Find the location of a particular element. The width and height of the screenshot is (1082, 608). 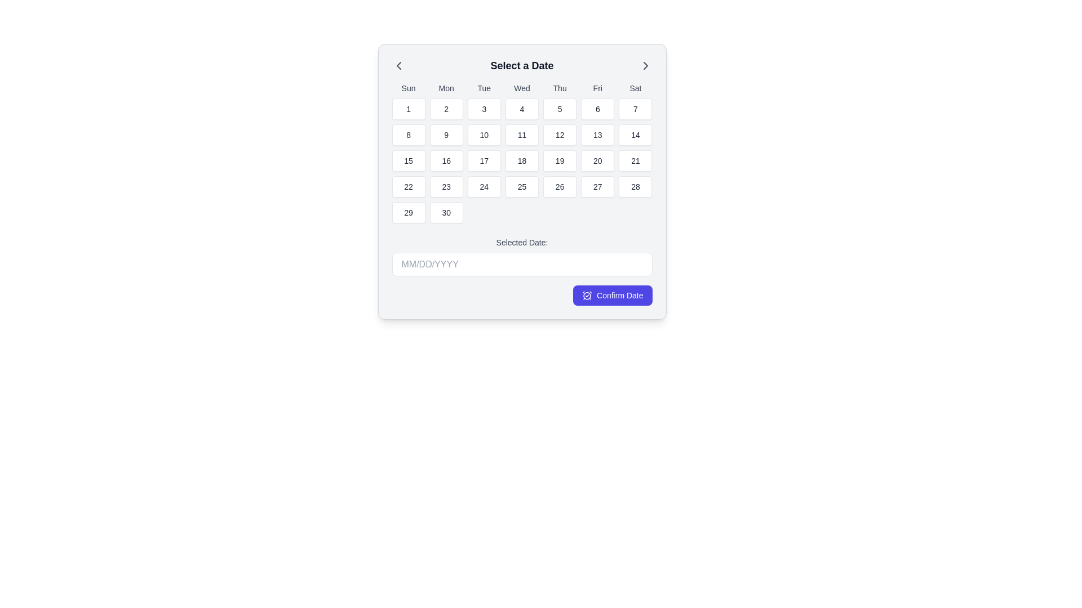

the text label that reads 'Fri', which is the sixth day label in the calendar interface, located near the upper-right section, directly after 'Thu' and before 'Sat' is located at coordinates (597, 88).